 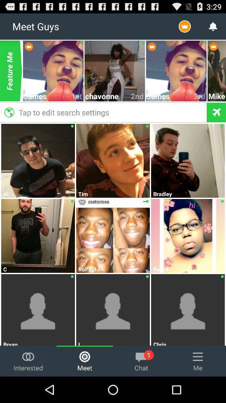 What do you see at coordinates (77, 96) in the screenshot?
I see `item to the right of the james item` at bounding box center [77, 96].